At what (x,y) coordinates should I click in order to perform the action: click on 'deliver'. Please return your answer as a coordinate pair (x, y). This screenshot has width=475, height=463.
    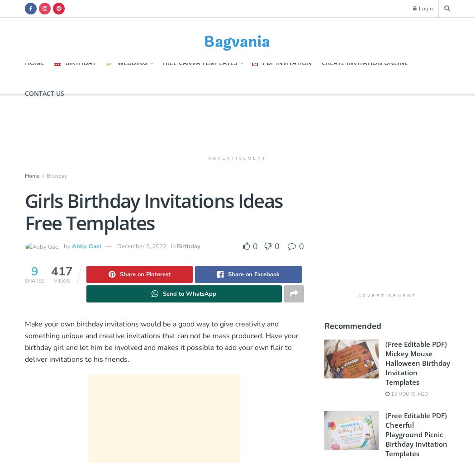
    Looking at the image, I should click on (36, 359).